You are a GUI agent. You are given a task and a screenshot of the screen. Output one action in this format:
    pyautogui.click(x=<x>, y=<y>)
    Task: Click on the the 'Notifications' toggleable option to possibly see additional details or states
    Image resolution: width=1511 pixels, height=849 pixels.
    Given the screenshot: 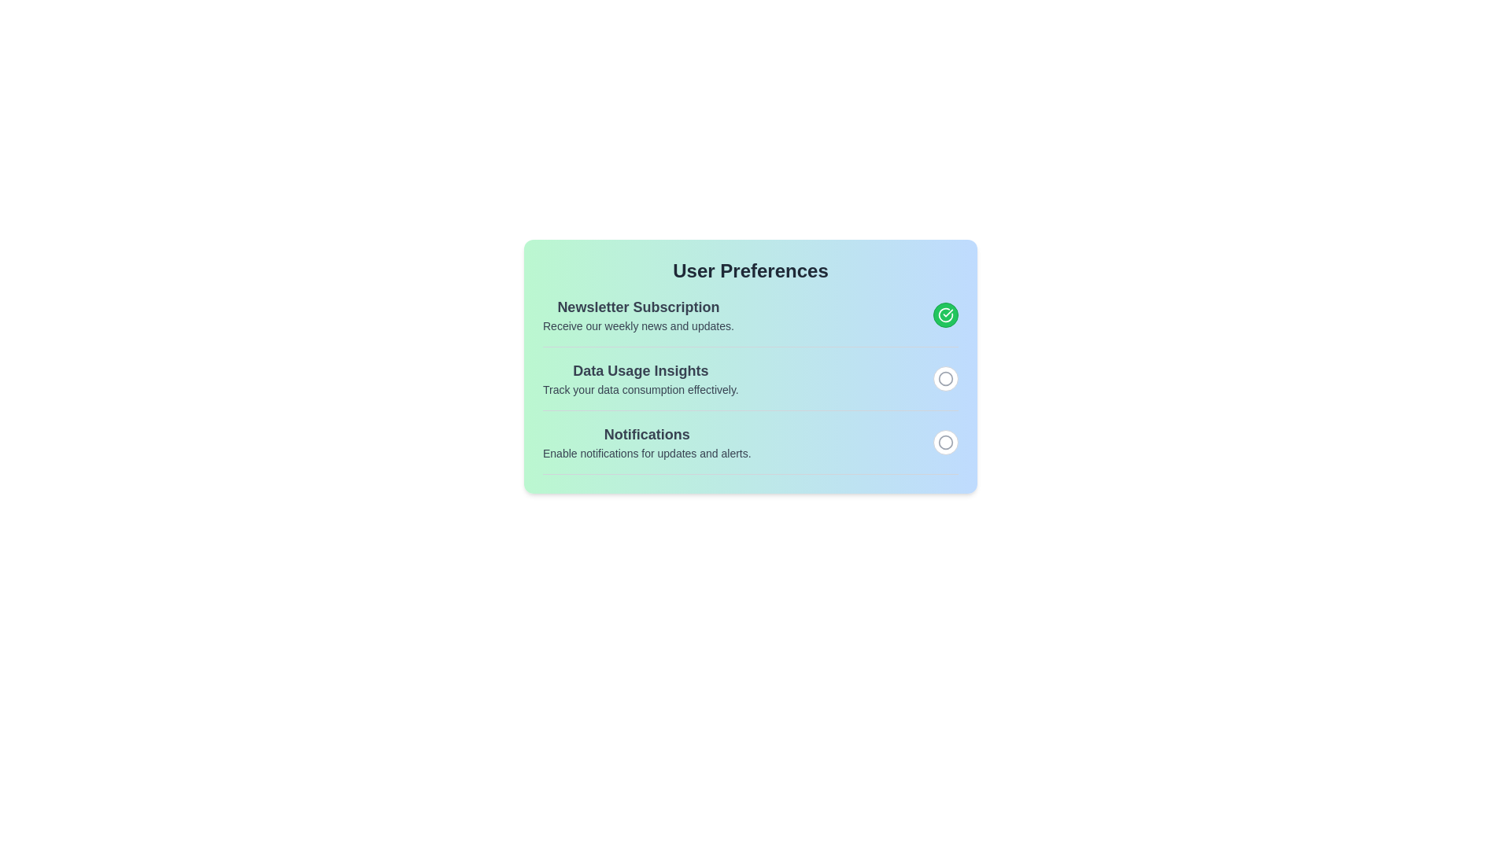 What is the action you would take?
    pyautogui.click(x=750, y=449)
    